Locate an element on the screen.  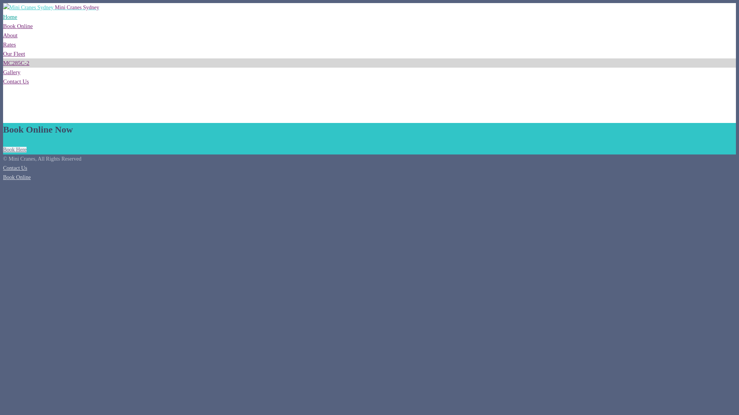
'Contact Us' is located at coordinates (16, 81).